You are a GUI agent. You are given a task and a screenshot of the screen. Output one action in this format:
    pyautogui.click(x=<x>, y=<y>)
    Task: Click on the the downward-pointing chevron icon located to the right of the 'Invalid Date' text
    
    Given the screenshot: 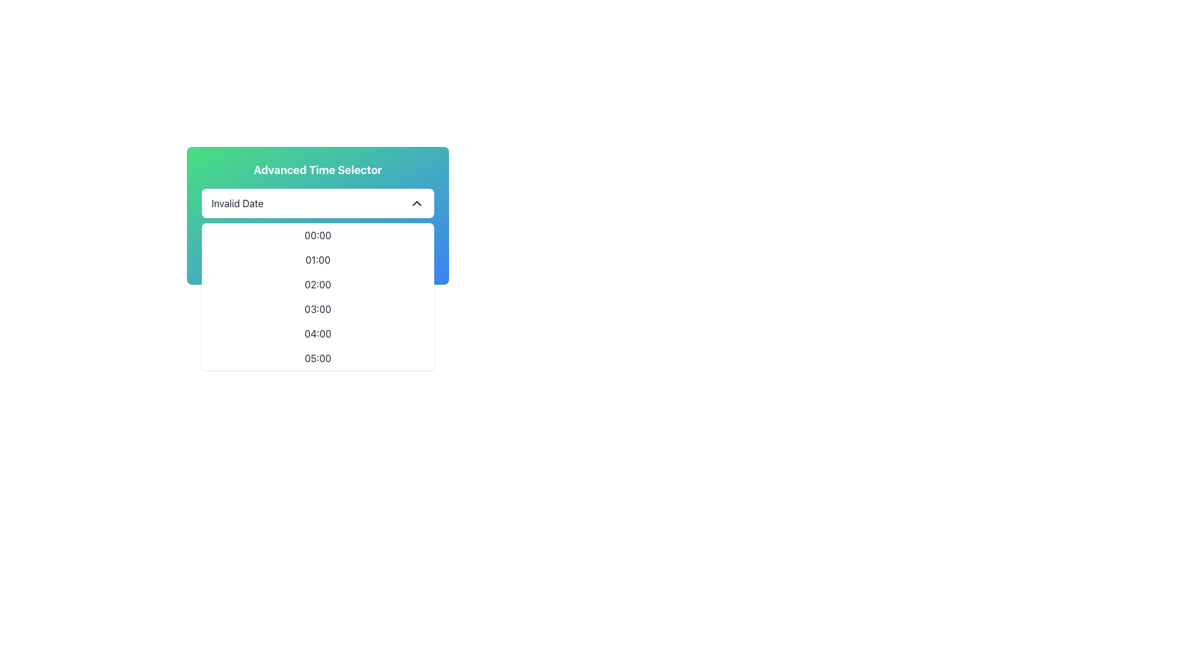 What is the action you would take?
    pyautogui.click(x=416, y=203)
    